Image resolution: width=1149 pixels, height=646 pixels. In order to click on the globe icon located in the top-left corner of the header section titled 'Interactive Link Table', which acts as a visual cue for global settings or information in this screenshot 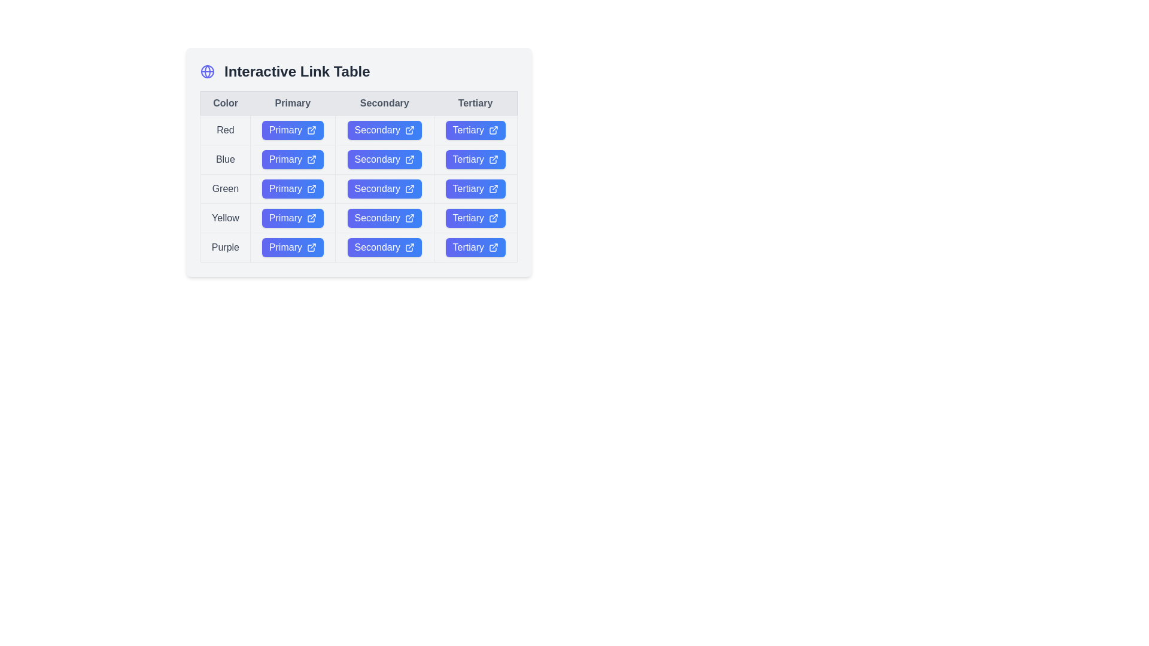, I will do `click(207, 71)`.